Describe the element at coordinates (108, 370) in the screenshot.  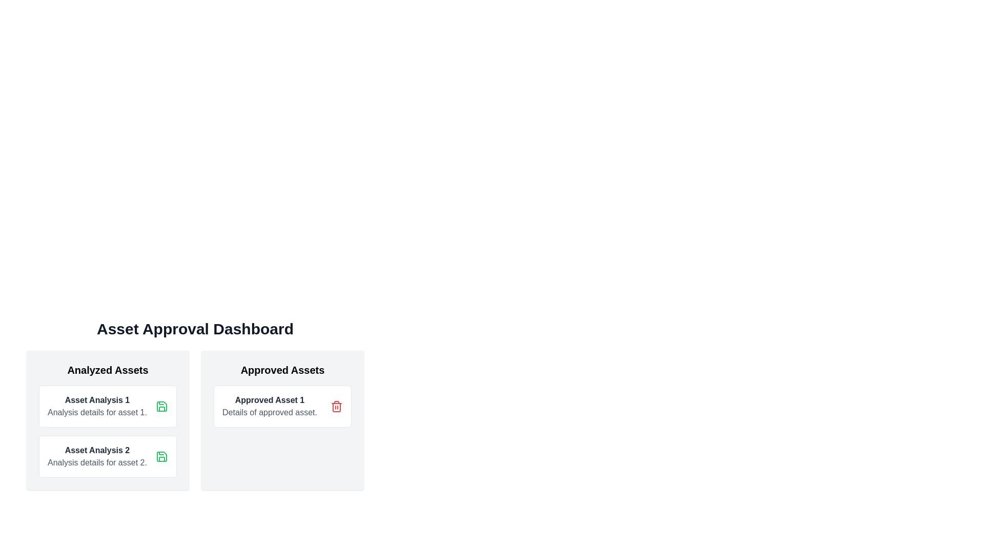
I see `displayed text from the 'Analyzed Assets' text label, which is a large, bold header in the Asset Approval Dashboard section` at that location.